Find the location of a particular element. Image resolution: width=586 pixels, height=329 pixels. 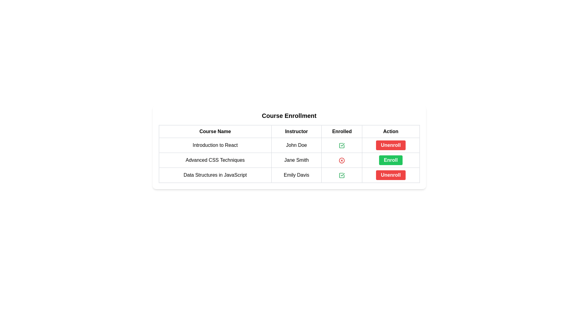

the 'Enrolled' table header, which is the third column header between 'Instructor' and 'Action' in the table layout is located at coordinates (342, 131).